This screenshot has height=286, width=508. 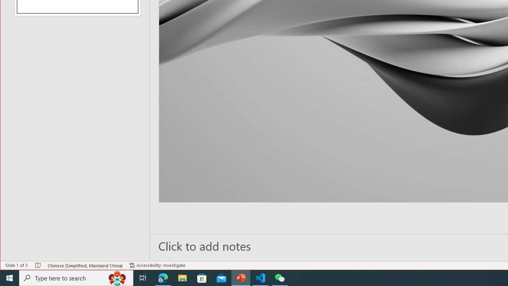 I want to click on 'Visual Studio Code - 1 running window', so click(x=260, y=277).